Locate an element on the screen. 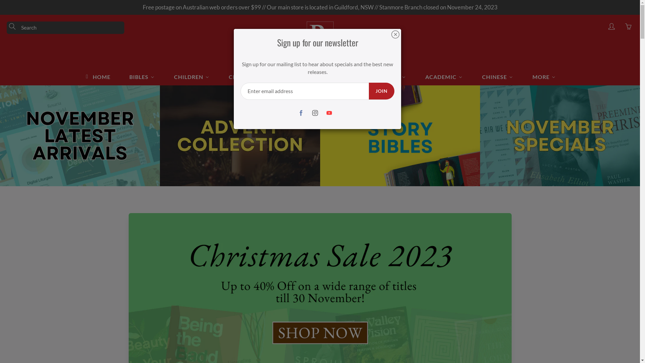  'Facebook' is located at coordinates (295, 113).